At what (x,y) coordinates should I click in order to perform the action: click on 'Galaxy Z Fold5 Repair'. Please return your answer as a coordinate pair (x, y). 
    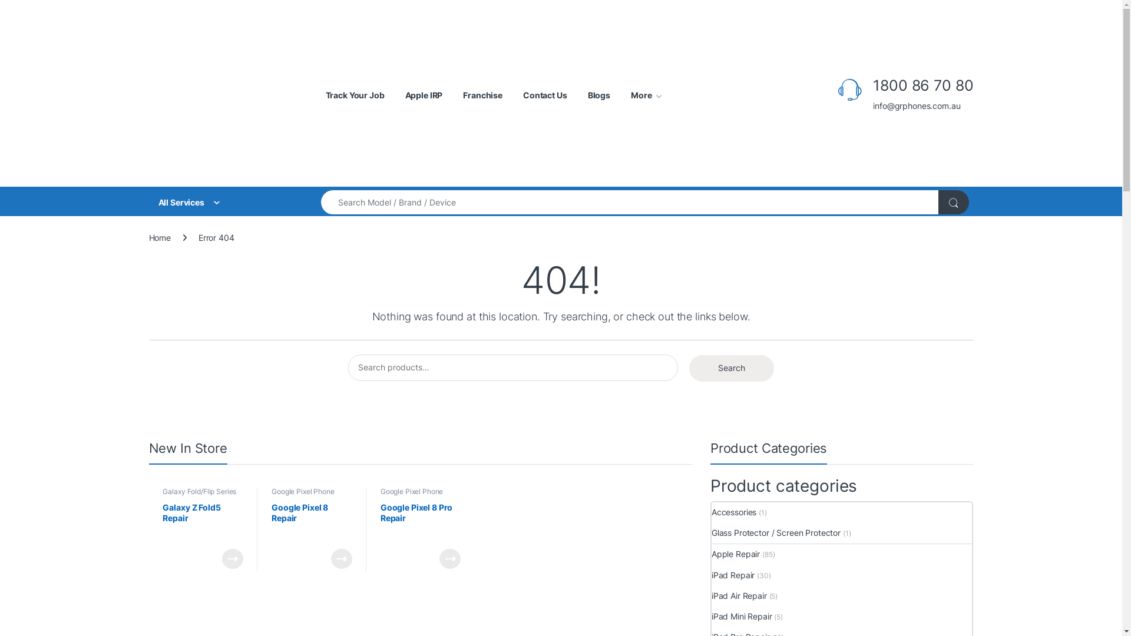
    Looking at the image, I should click on (203, 522).